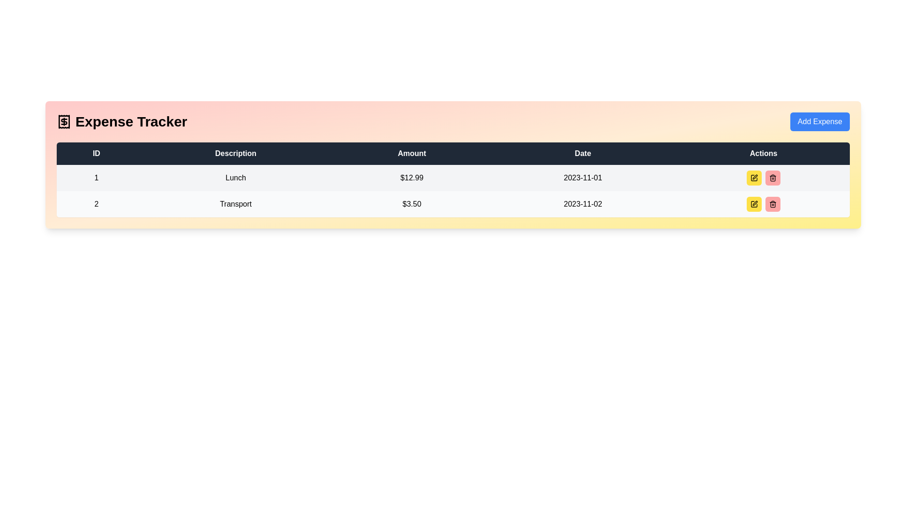 This screenshot has width=900, height=506. Describe the element at coordinates (773, 178) in the screenshot. I see `the trash bin icon button in the Actions column of the second row` at that location.